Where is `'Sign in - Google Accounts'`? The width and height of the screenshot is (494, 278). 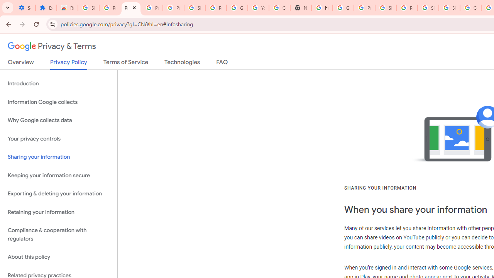
'Sign in - Google Accounts' is located at coordinates (428, 8).